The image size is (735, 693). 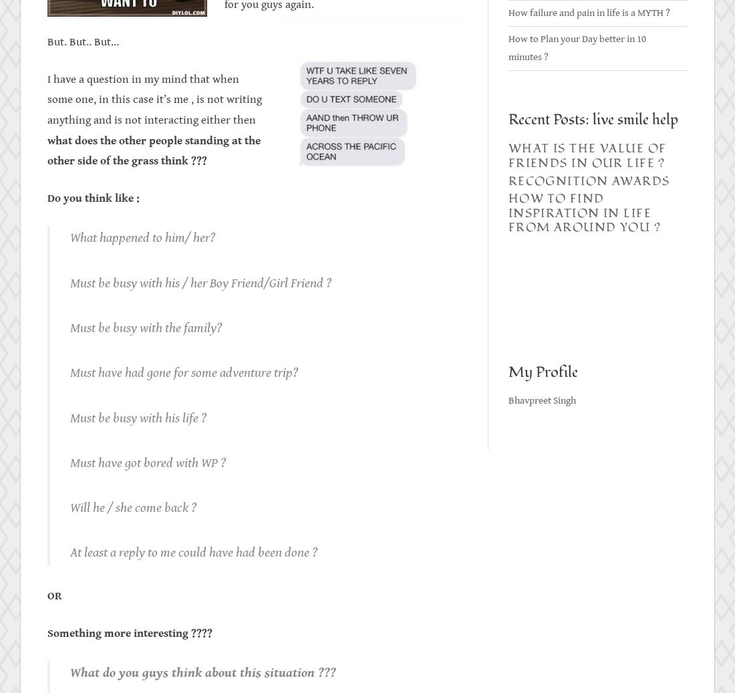 I want to click on 'Do you think like :', so click(x=93, y=197).